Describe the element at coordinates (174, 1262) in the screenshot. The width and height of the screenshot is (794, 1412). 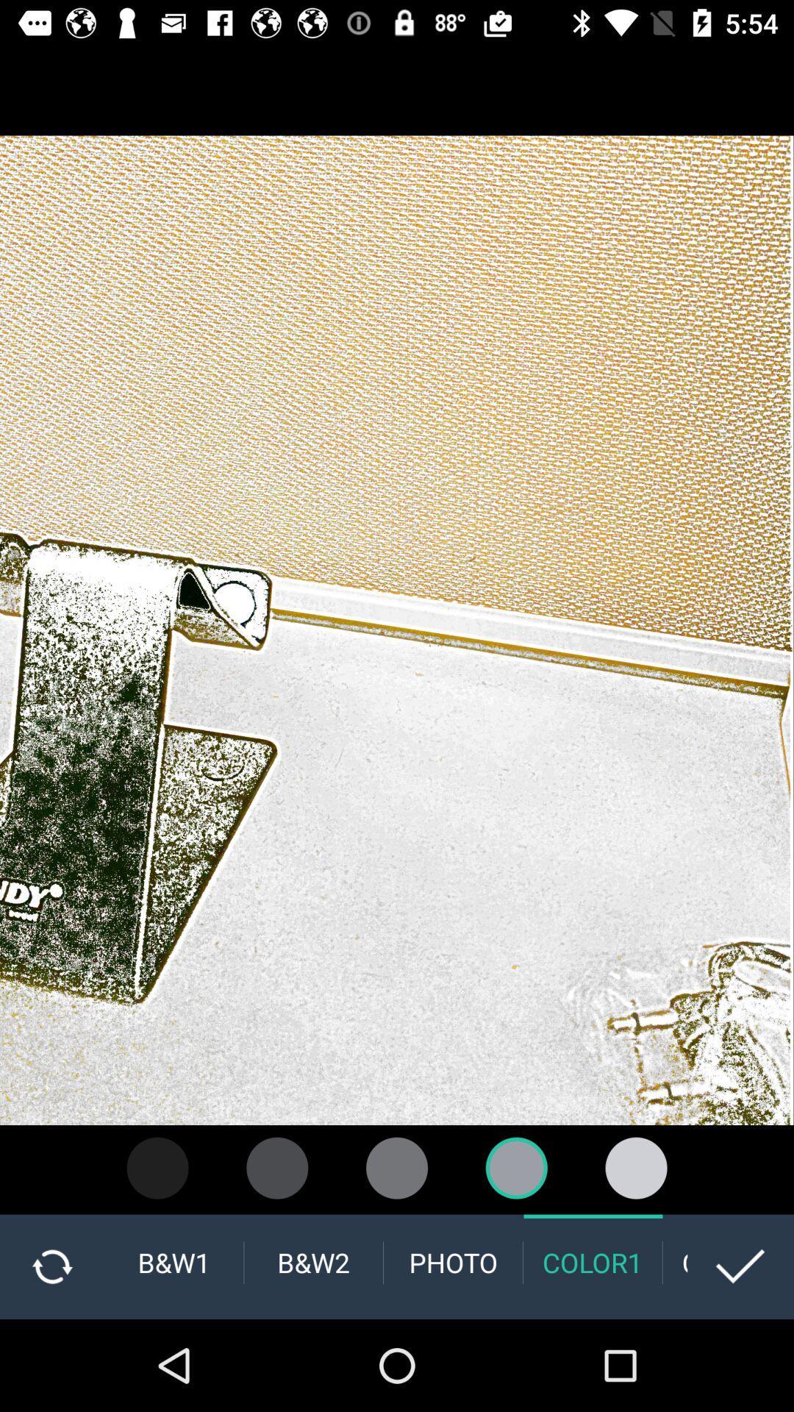
I see `the bw1 option` at that location.